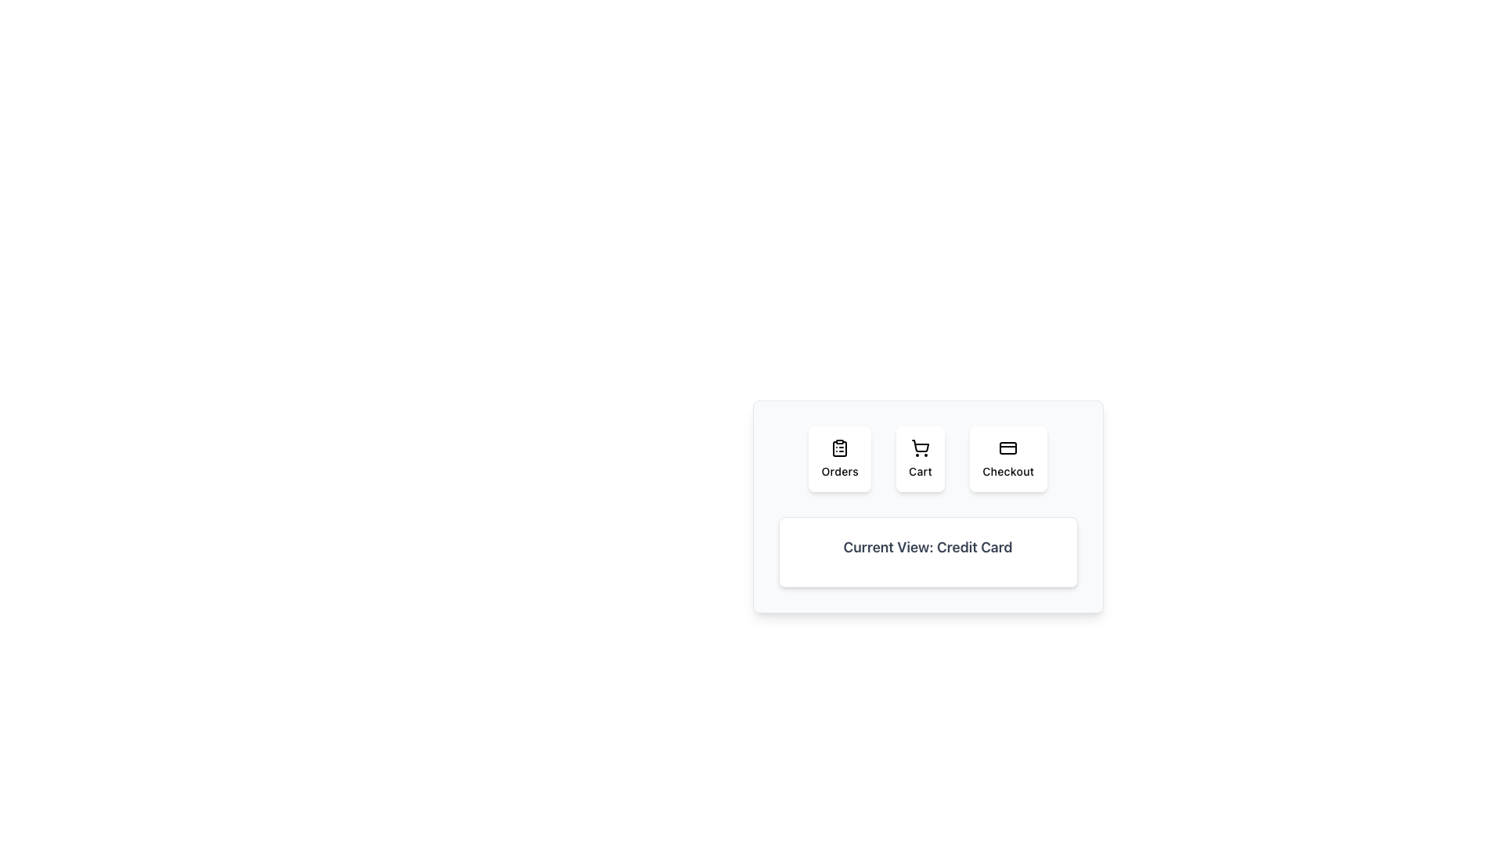  Describe the element at coordinates (928, 507) in the screenshot. I see `information displayed on the centrally positioned Informational card within the checkout or order management interface` at that location.